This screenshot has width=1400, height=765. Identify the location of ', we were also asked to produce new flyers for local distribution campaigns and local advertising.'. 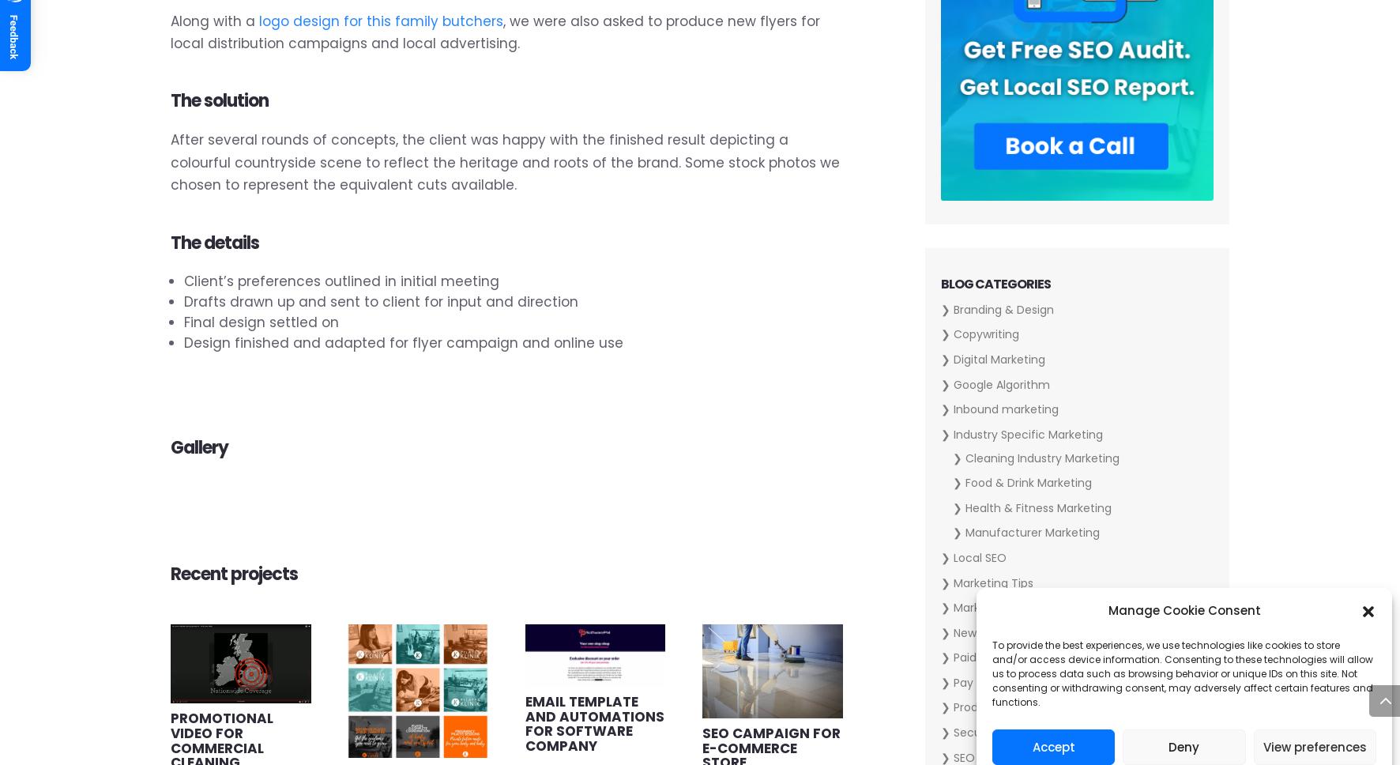
(495, 32).